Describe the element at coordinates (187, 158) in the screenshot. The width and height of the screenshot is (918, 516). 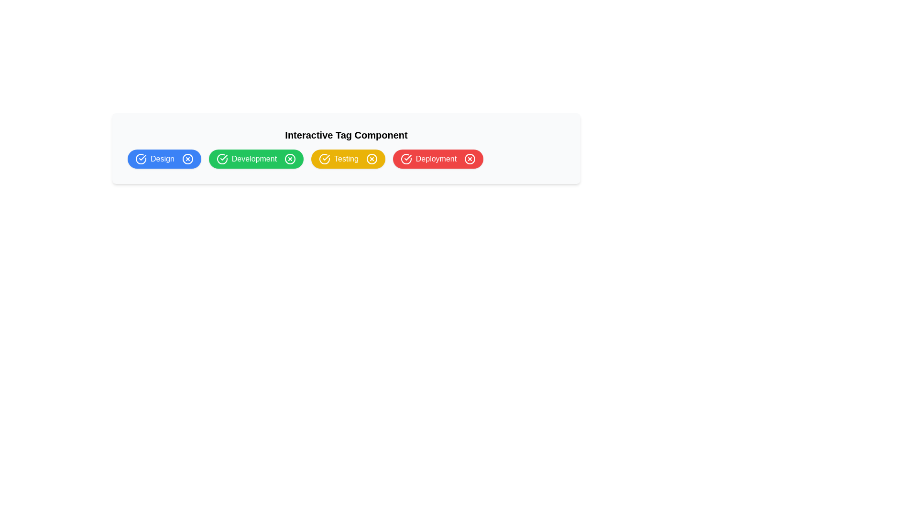
I see `the circular icon that is part of the 'Design' tag, which is the first tag in a series of horizontally arranged tags, indicating a close or cancel action` at that location.